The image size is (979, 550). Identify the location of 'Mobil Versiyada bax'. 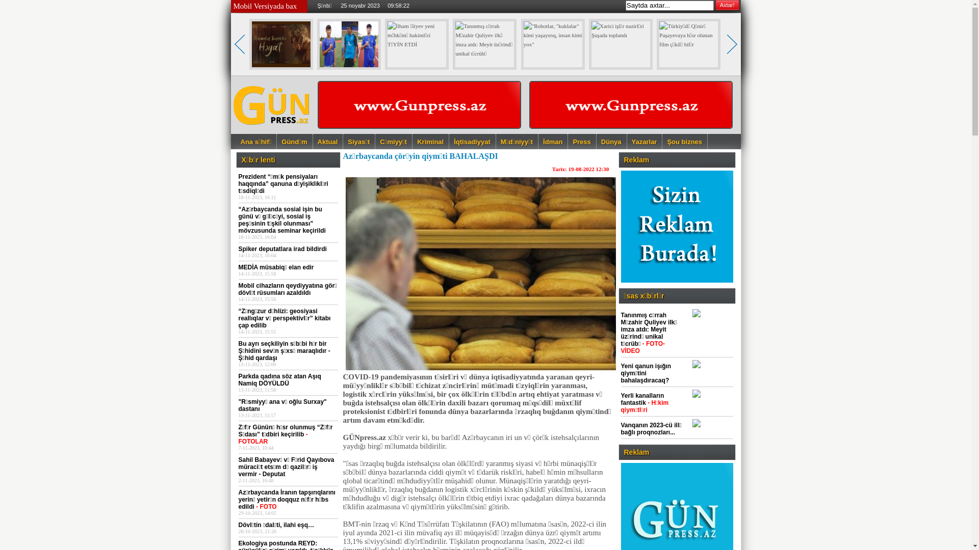
(265, 6).